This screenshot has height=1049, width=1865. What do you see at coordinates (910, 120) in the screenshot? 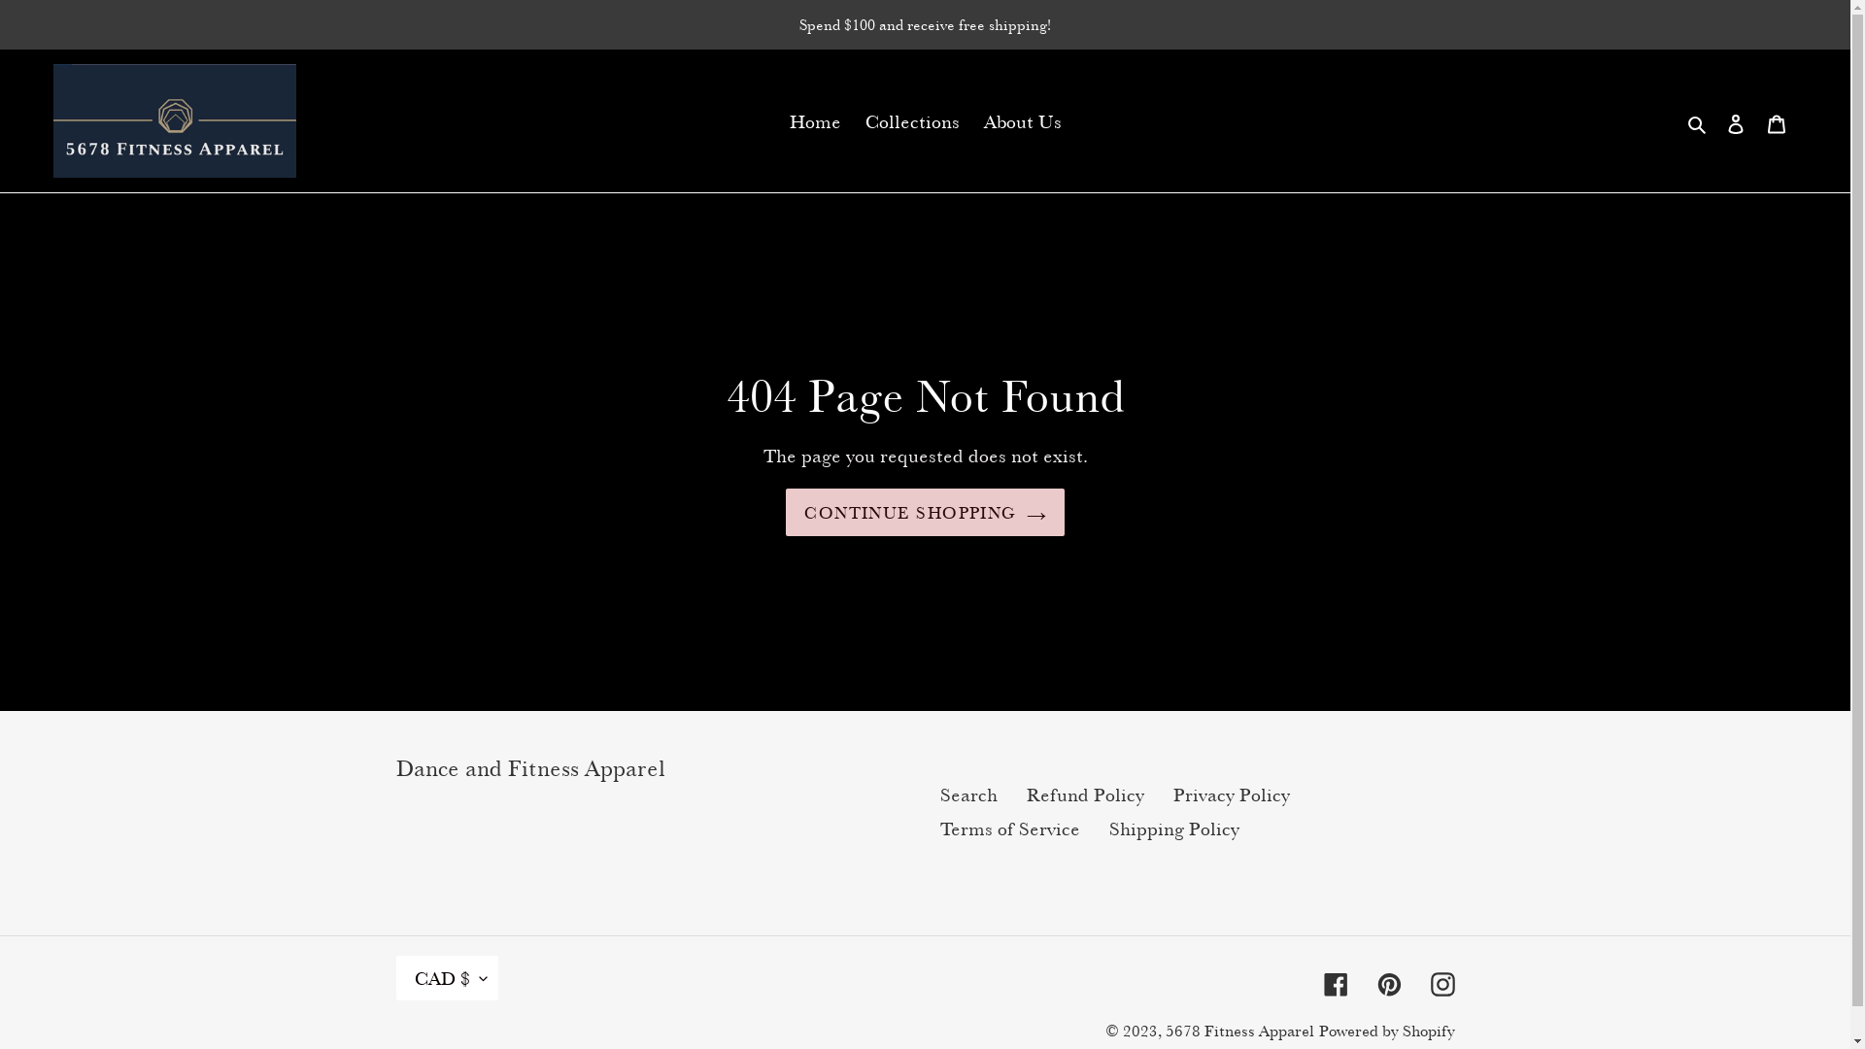
I see `'Collections'` at bounding box center [910, 120].